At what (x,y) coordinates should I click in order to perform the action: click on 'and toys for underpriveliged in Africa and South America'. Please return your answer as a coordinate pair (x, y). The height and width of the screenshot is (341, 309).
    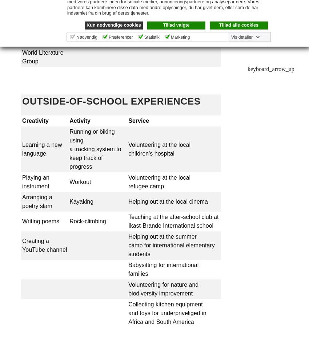
    Looking at the image, I should click on (128, 317).